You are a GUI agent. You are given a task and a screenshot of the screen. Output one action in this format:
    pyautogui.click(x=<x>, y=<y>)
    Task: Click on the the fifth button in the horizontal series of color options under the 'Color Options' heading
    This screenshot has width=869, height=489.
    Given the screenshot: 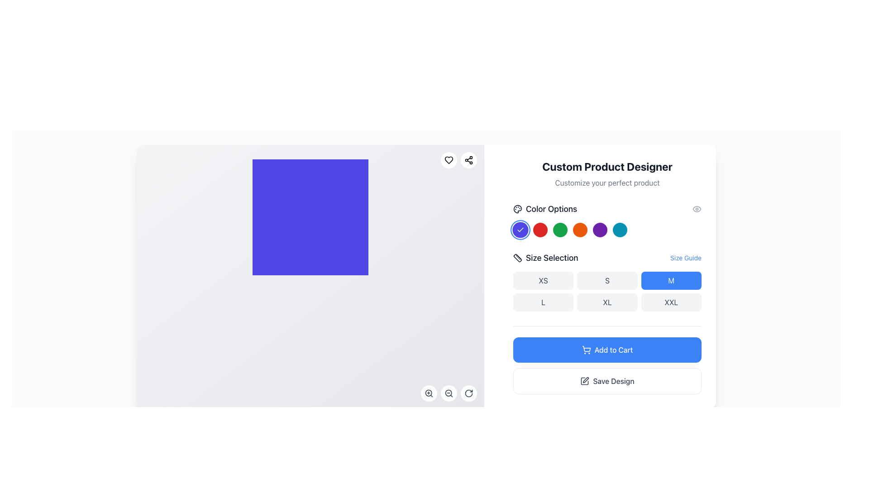 What is the action you would take?
    pyautogui.click(x=607, y=230)
    